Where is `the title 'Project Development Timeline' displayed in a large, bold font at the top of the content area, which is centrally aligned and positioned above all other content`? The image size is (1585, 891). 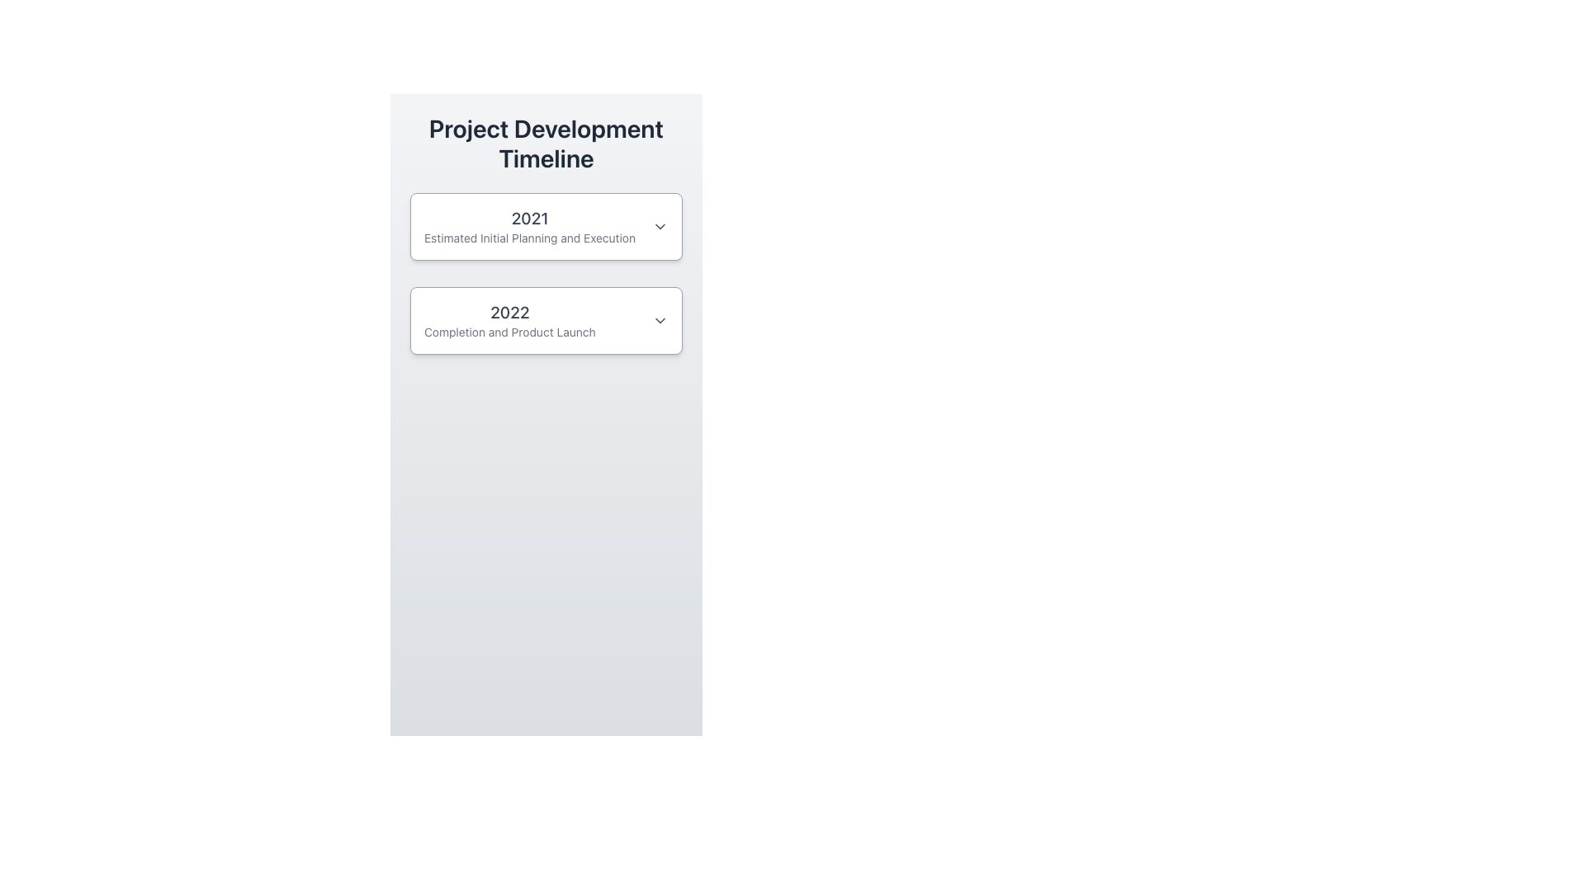
the title 'Project Development Timeline' displayed in a large, bold font at the top of the content area, which is centrally aligned and positioned above all other content is located at coordinates (546, 142).